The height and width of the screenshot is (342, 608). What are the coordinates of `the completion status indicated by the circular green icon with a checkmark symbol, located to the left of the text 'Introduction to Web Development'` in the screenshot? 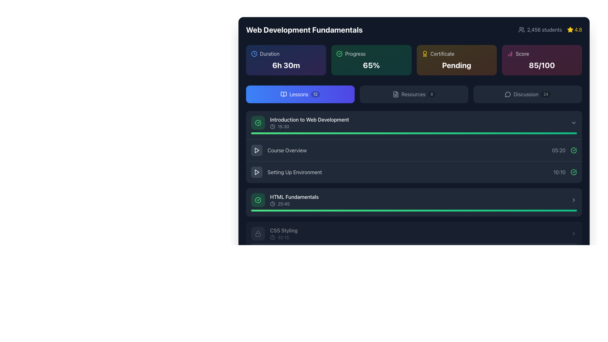 It's located at (258, 123).